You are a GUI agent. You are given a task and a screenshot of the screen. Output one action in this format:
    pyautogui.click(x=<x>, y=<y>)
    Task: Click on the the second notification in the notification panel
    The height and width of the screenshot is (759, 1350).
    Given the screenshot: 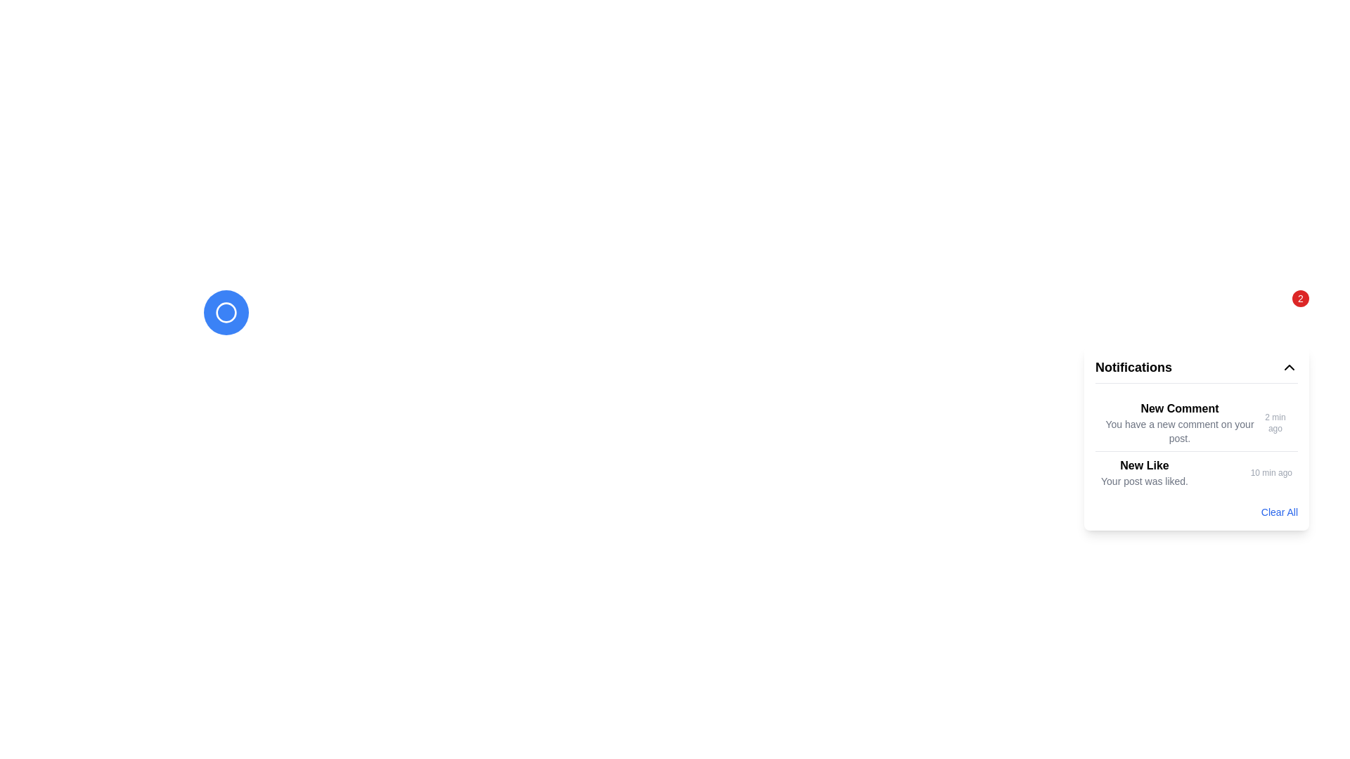 What is the action you would take?
    pyautogui.click(x=1196, y=444)
    